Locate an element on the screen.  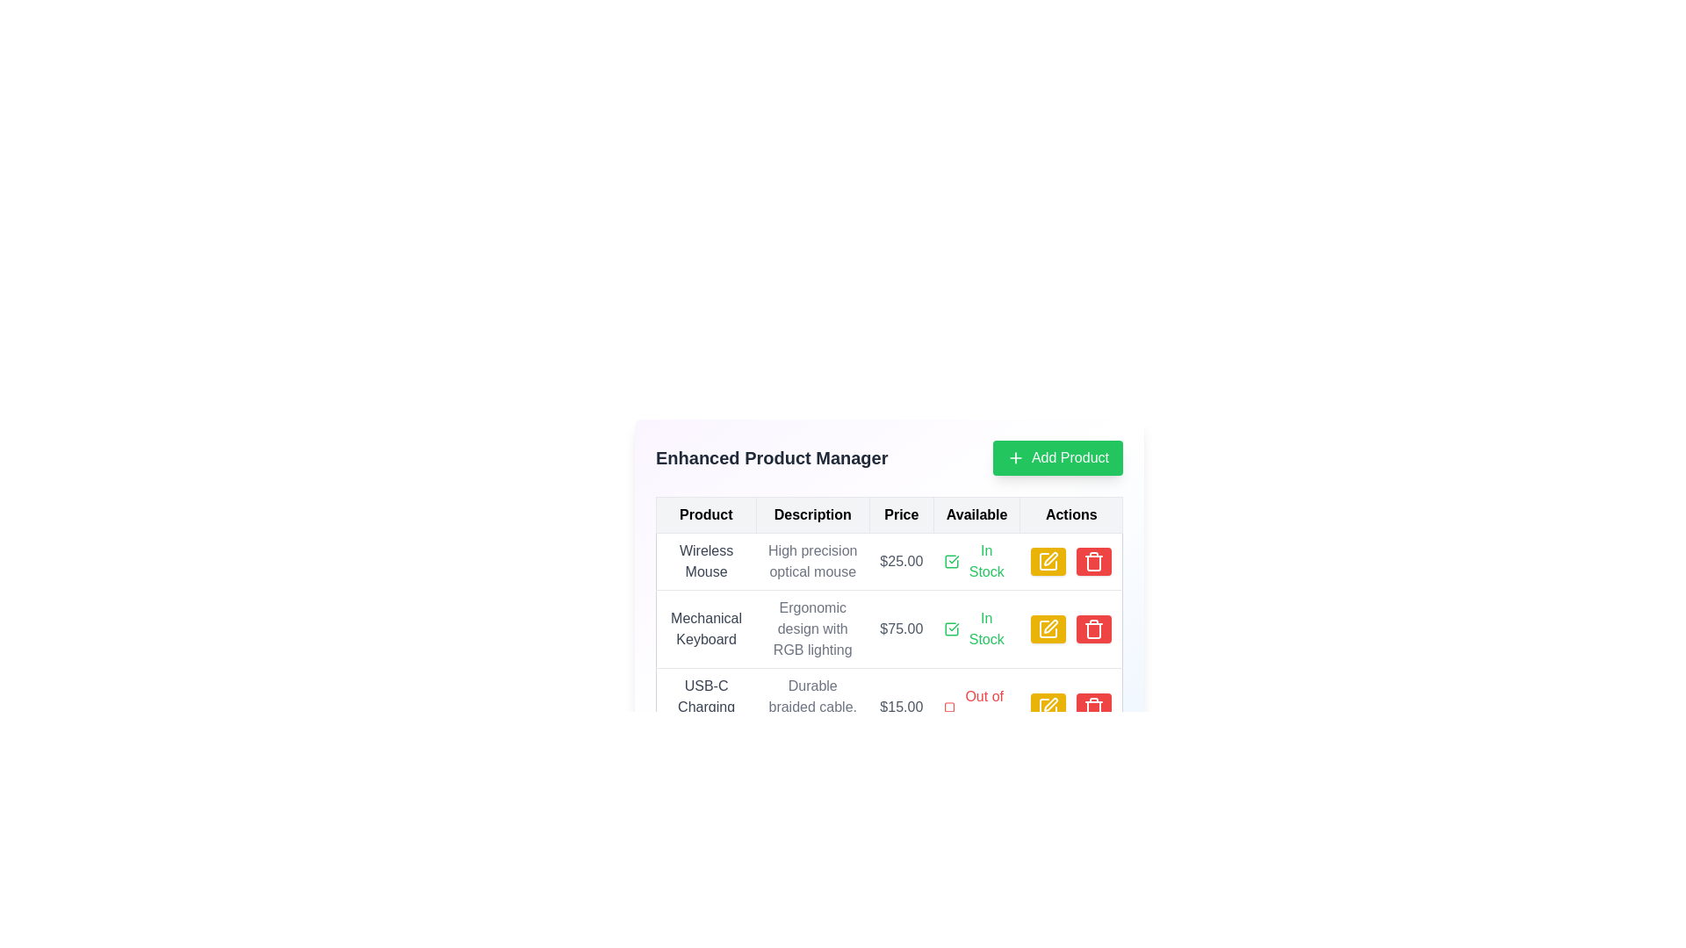
'Out of Stock' label with red text in the 'Available' column for the product 'USB-C Charging' is located at coordinates (976, 707).